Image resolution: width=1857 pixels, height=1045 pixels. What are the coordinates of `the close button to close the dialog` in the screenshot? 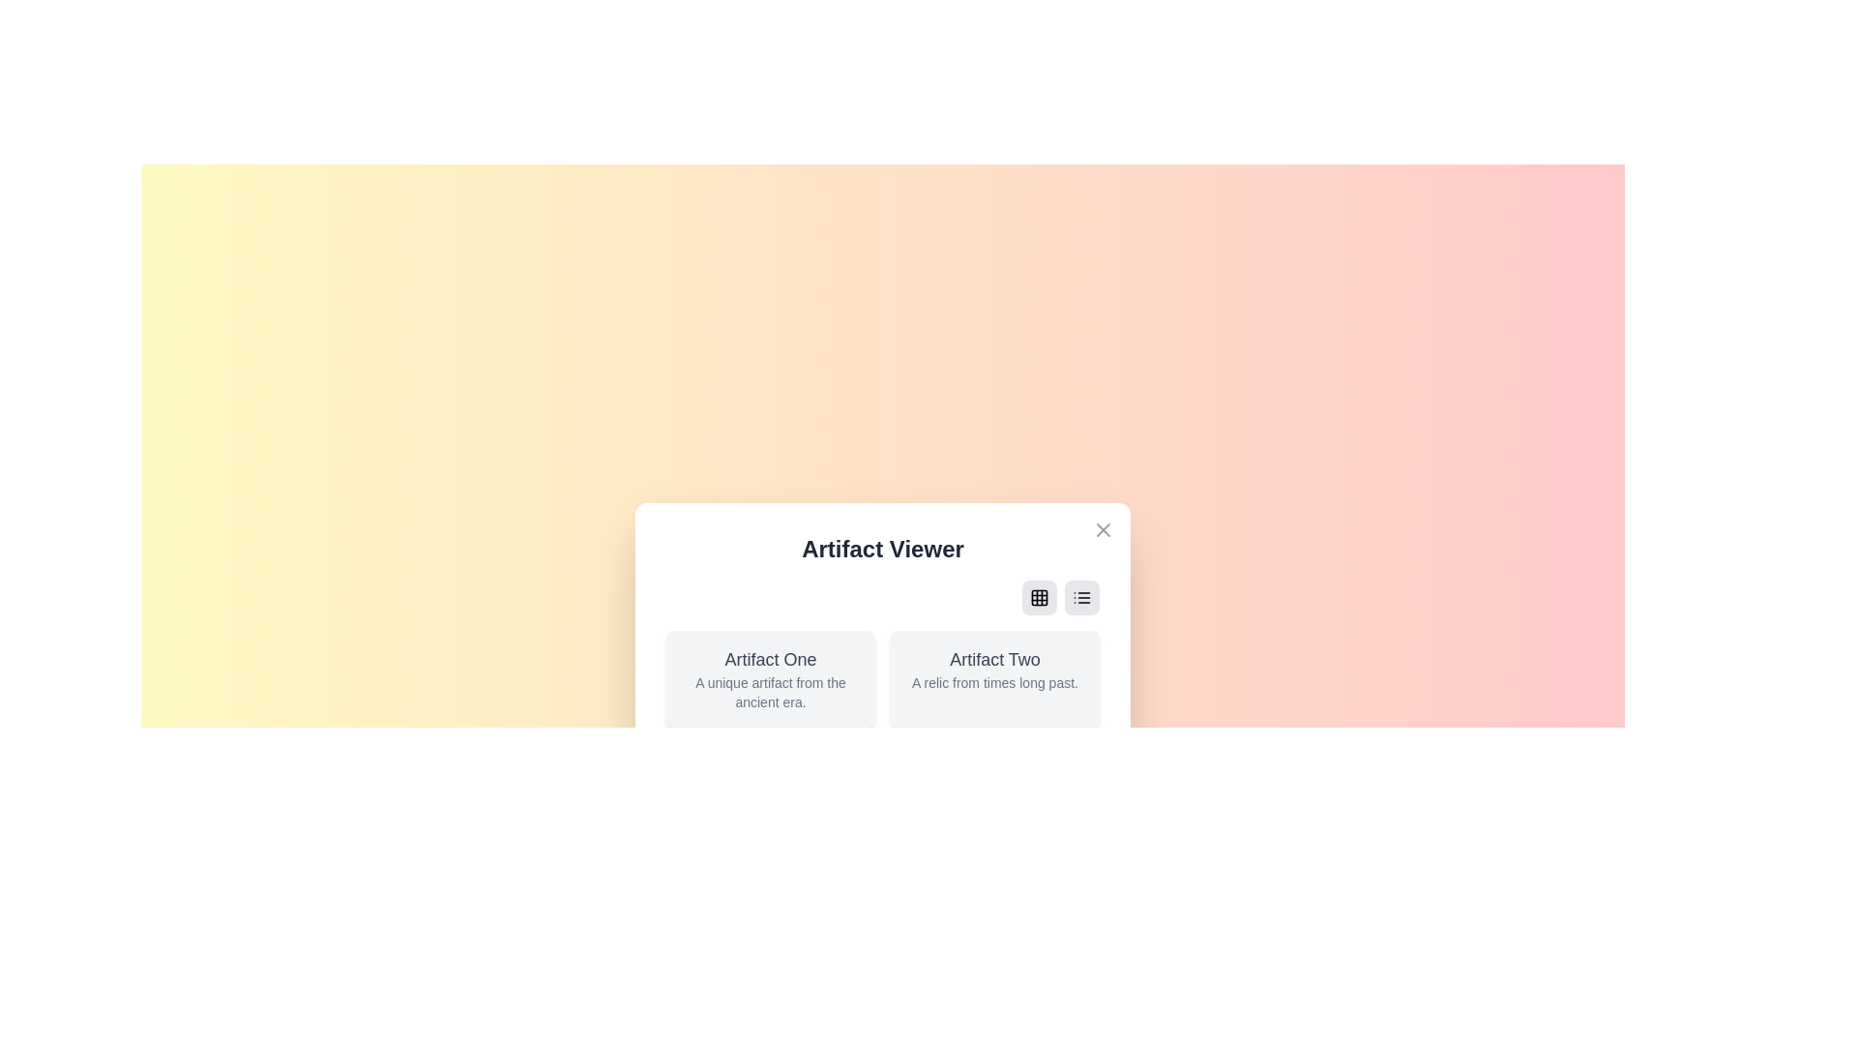 It's located at (1104, 529).